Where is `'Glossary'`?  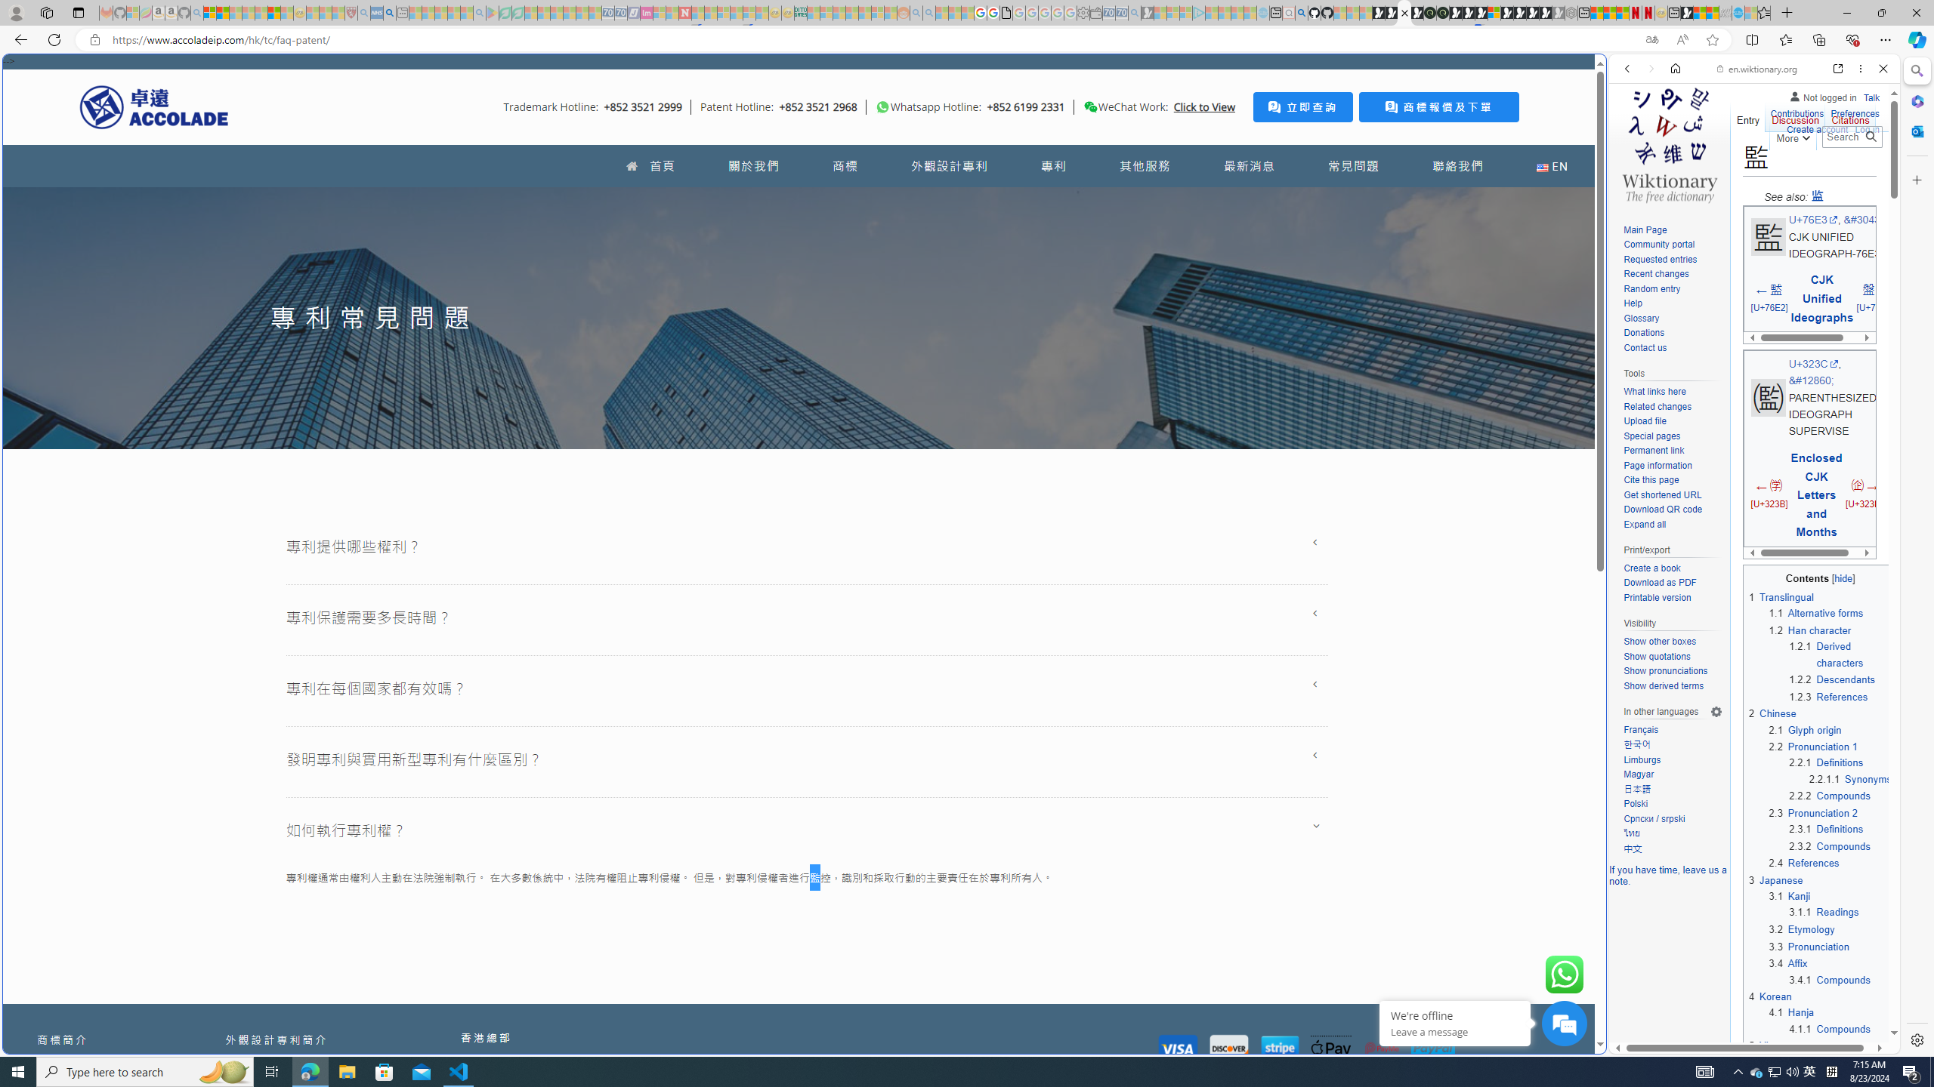
'Glossary' is located at coordinates (1641, 318).